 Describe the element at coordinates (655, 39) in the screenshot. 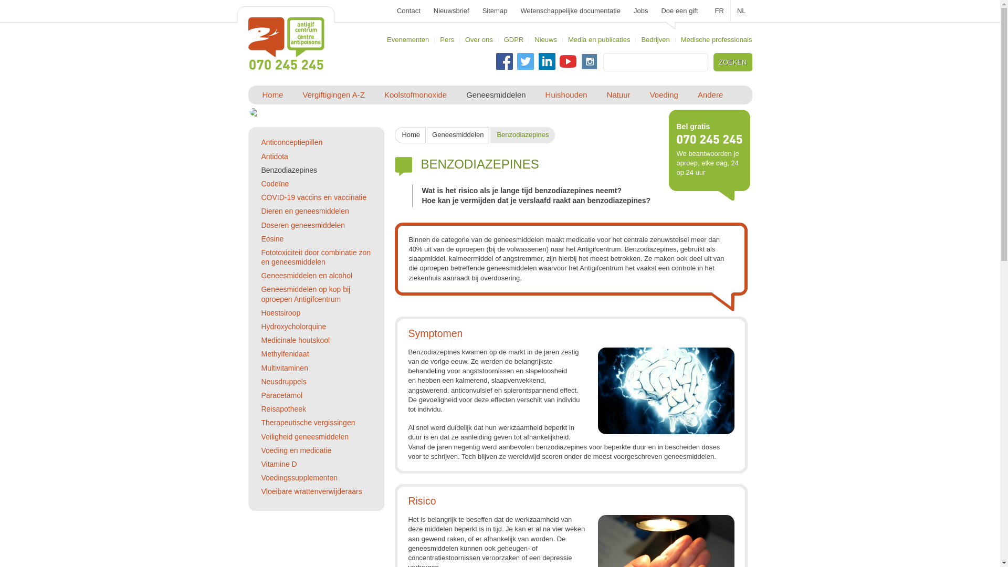

I see `'Bedrijven'` at that location.